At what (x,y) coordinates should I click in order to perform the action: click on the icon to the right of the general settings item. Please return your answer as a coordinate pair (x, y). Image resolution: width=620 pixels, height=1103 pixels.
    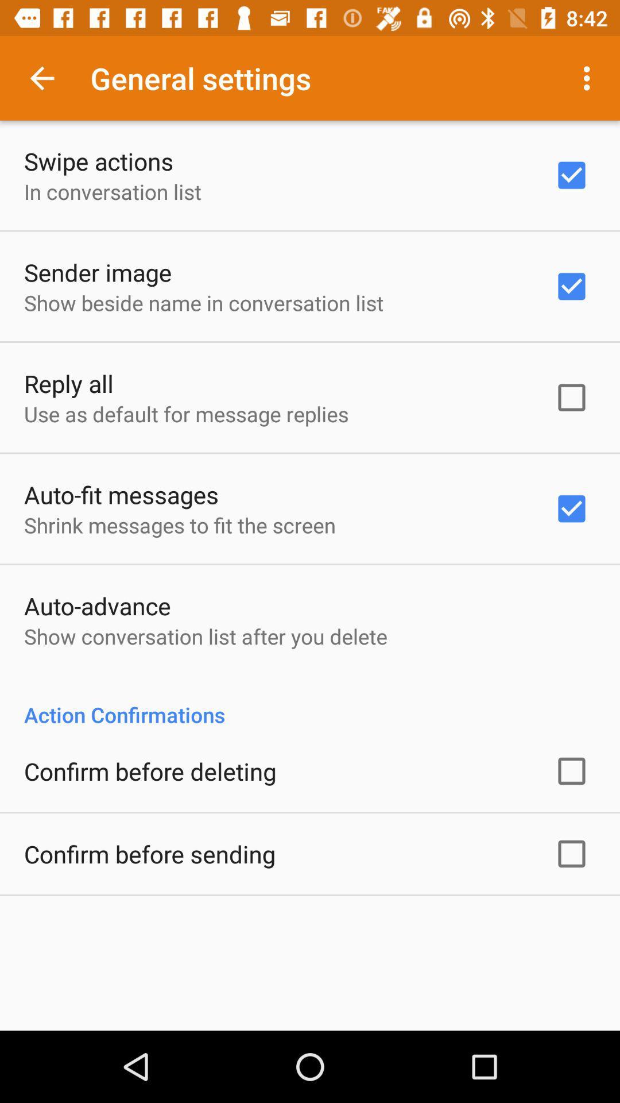
    Looking at the image, I should click on (590, 78).